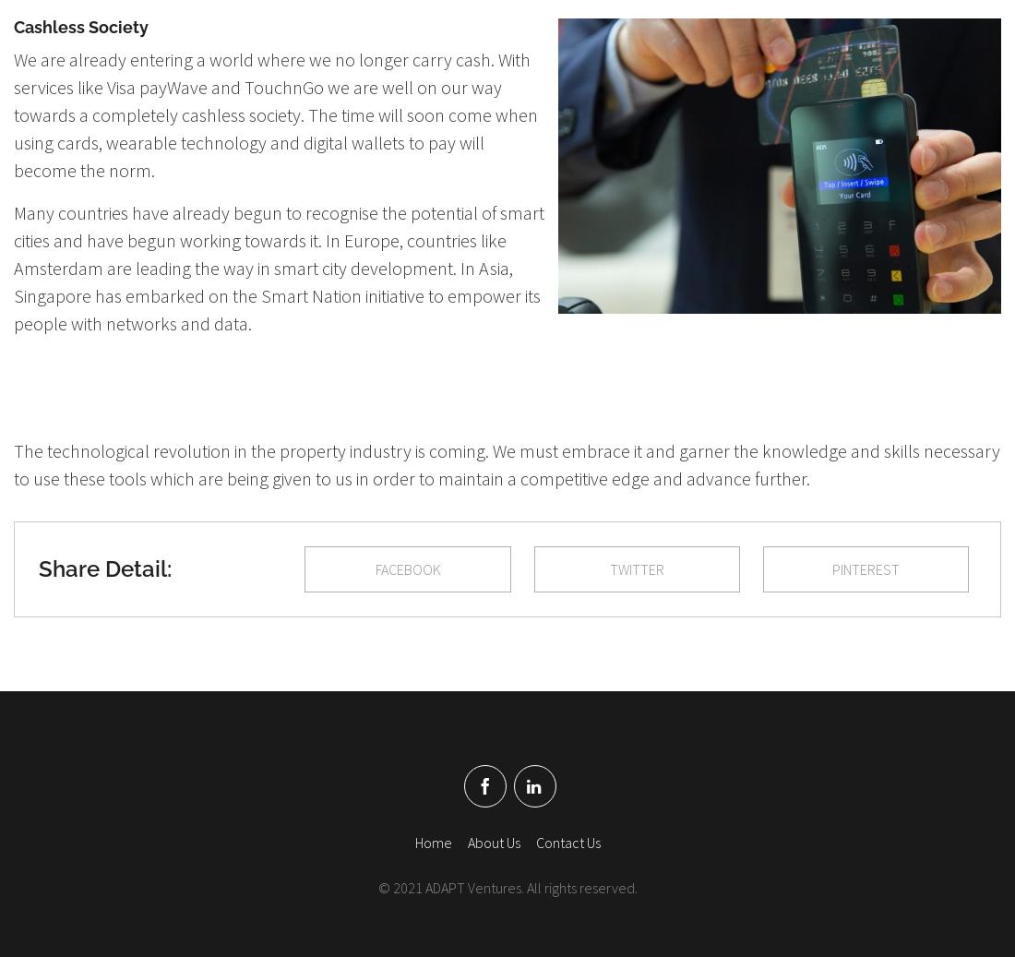 Image resolution: width=1015 pixels, height=957 pixels. I want to click on 'Facebook', so click(406, 568).